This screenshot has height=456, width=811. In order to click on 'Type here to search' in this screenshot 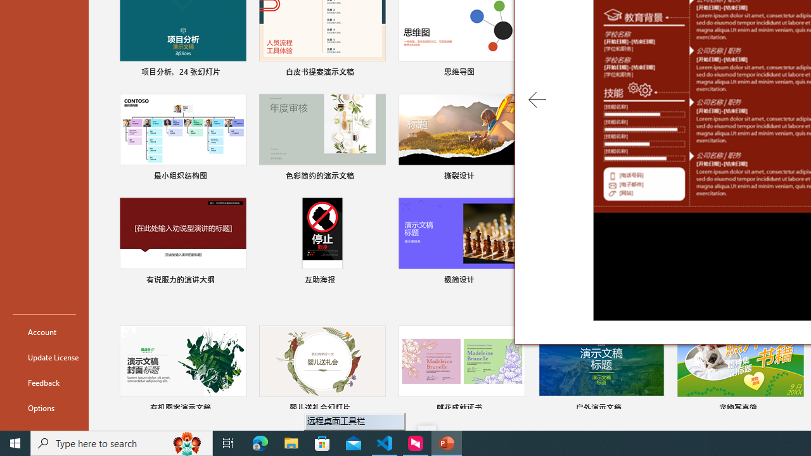, I will do `click(122, 442)`.